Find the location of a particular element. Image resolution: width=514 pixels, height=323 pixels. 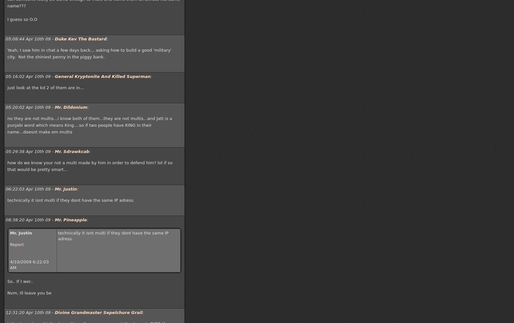

'Divine Grandmaster Sepelchure Grail' is located at coordinates (98, 312).